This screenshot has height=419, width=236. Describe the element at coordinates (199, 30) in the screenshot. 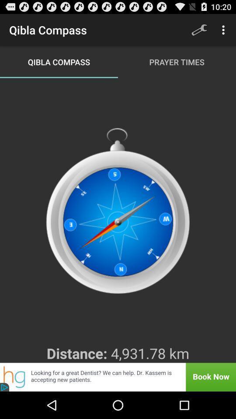

I see `item to the right of the qibla compass app` at that location.